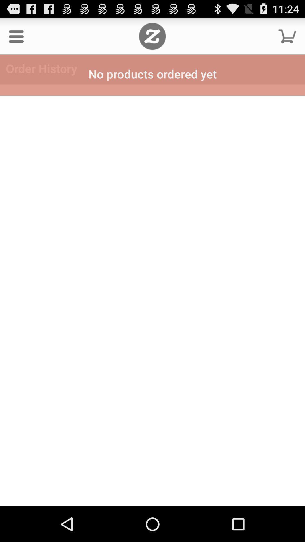 The height and width of the screenshot is (542, 305). I want to click on the cart icon, so click(287, 38).